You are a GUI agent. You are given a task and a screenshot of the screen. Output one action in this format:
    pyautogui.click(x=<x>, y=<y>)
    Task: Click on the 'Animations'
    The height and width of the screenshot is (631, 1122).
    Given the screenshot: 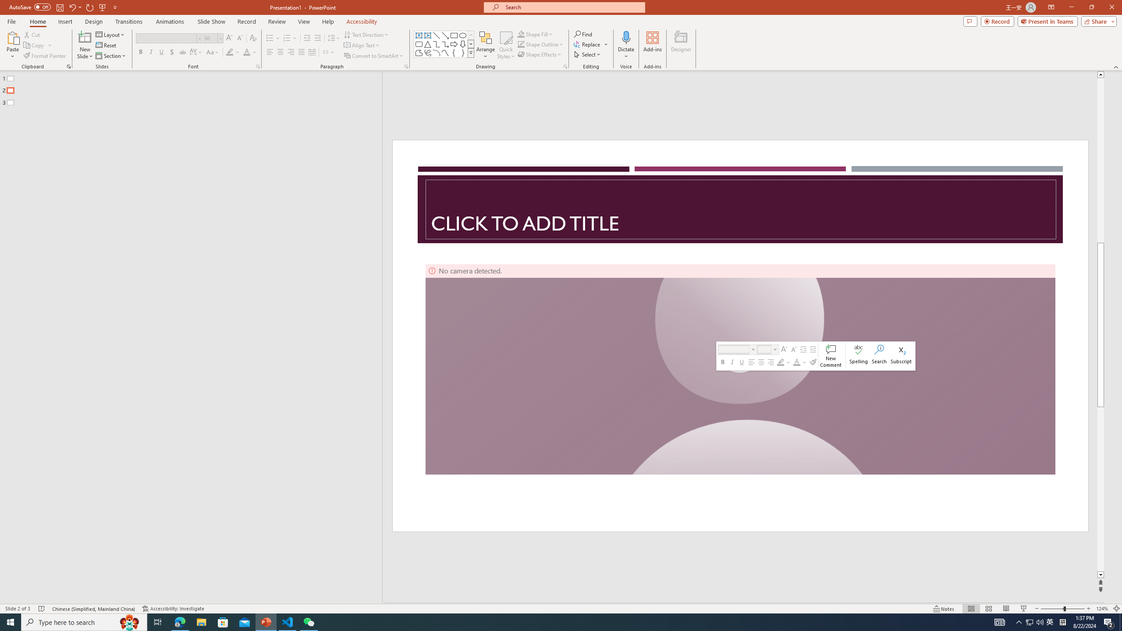 What is the action you would take?
    pyautogui.click(x=170, y=21)
    